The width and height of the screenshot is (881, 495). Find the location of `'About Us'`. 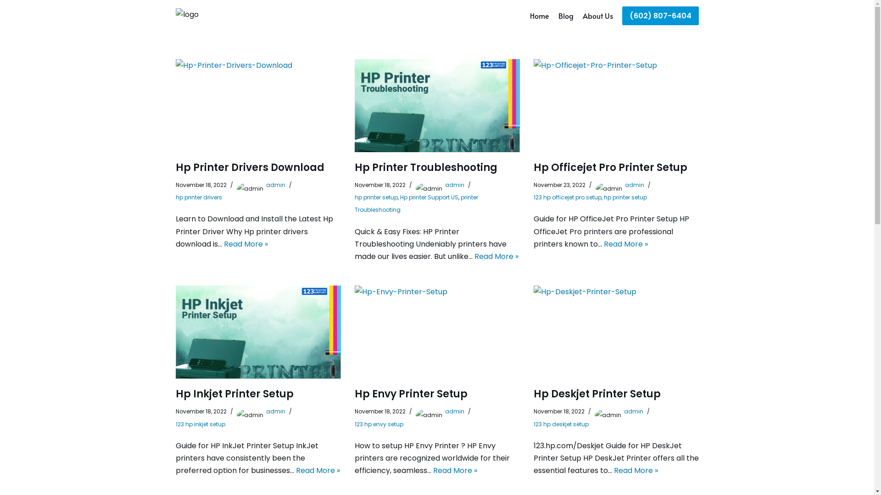

'About Us' is located at coordinates (597, 16).